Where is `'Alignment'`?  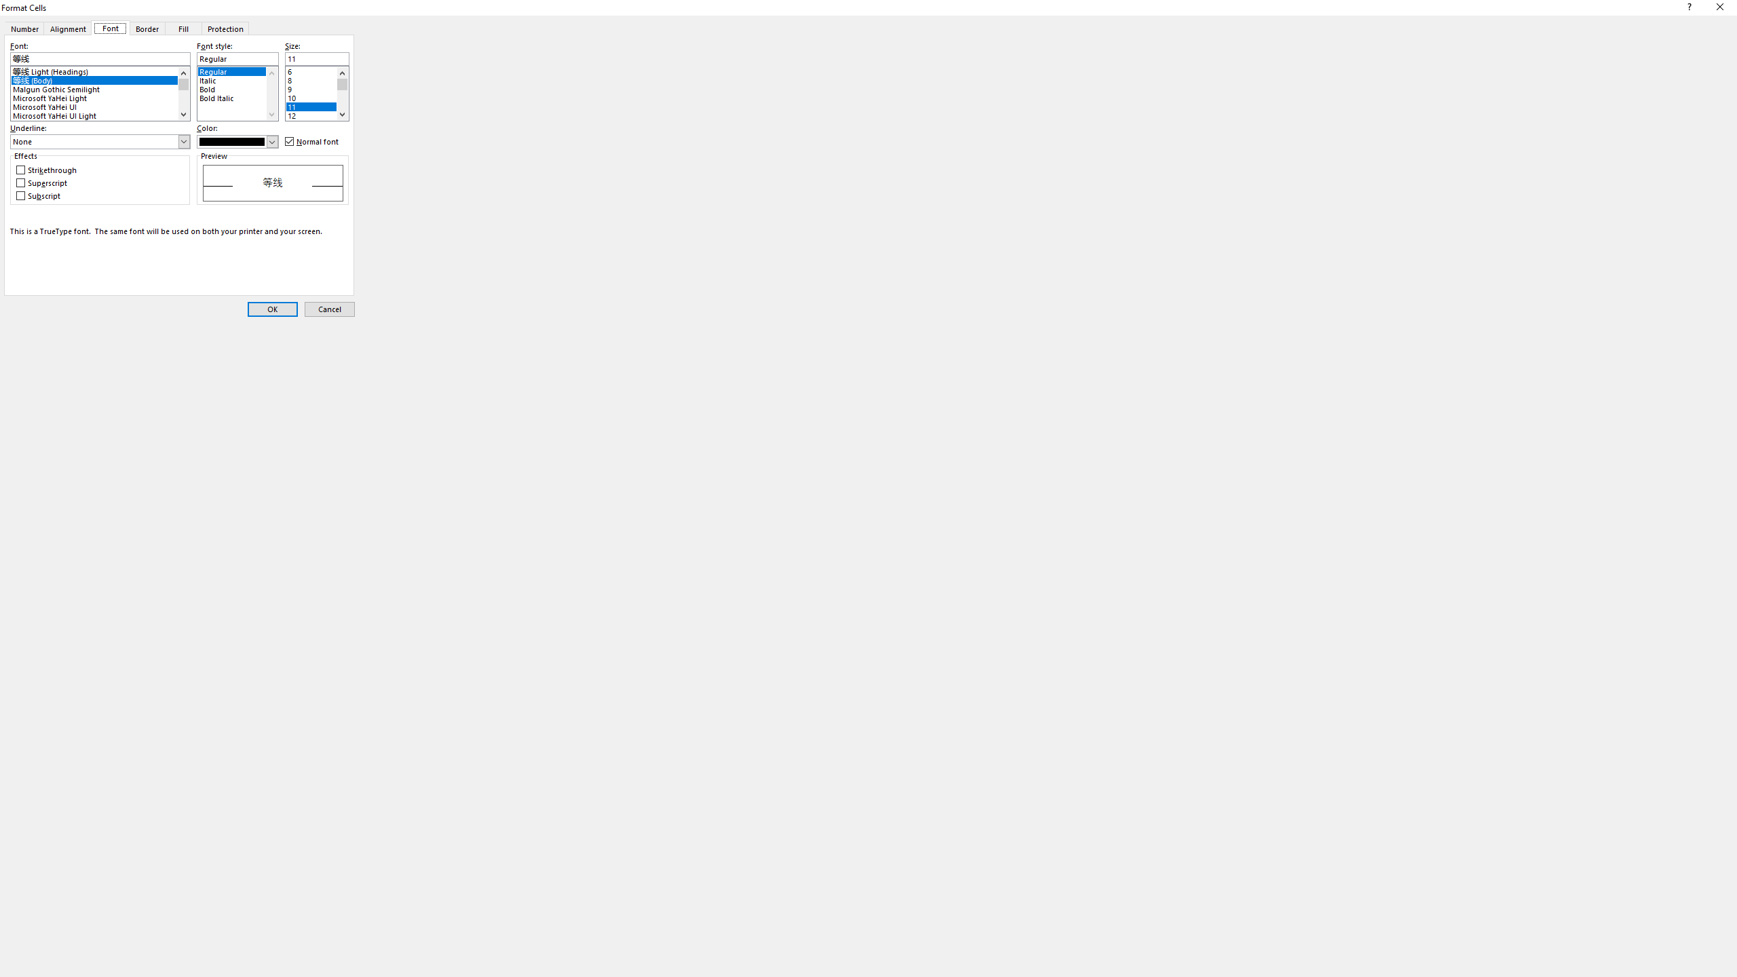 'Alignment' is located at coordinates (66, 28).